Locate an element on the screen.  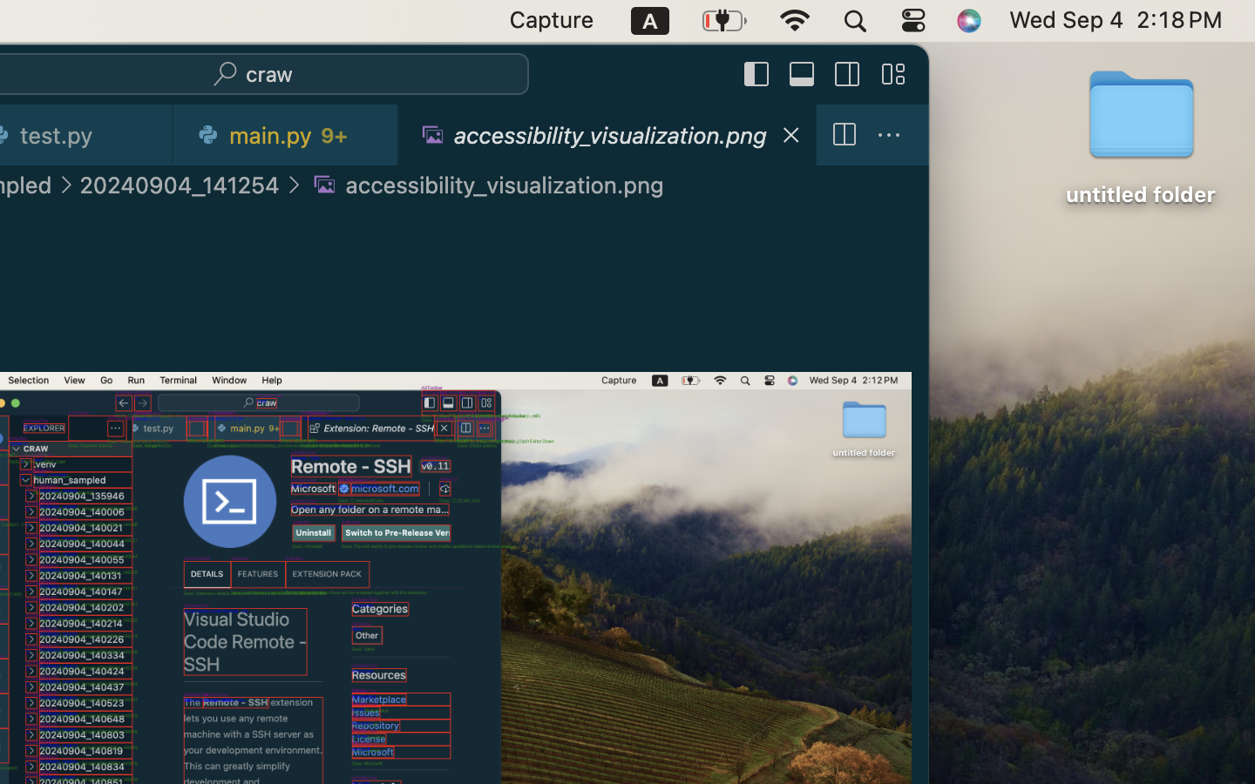
'20240904_141254' is located at coordinates (180, 185).